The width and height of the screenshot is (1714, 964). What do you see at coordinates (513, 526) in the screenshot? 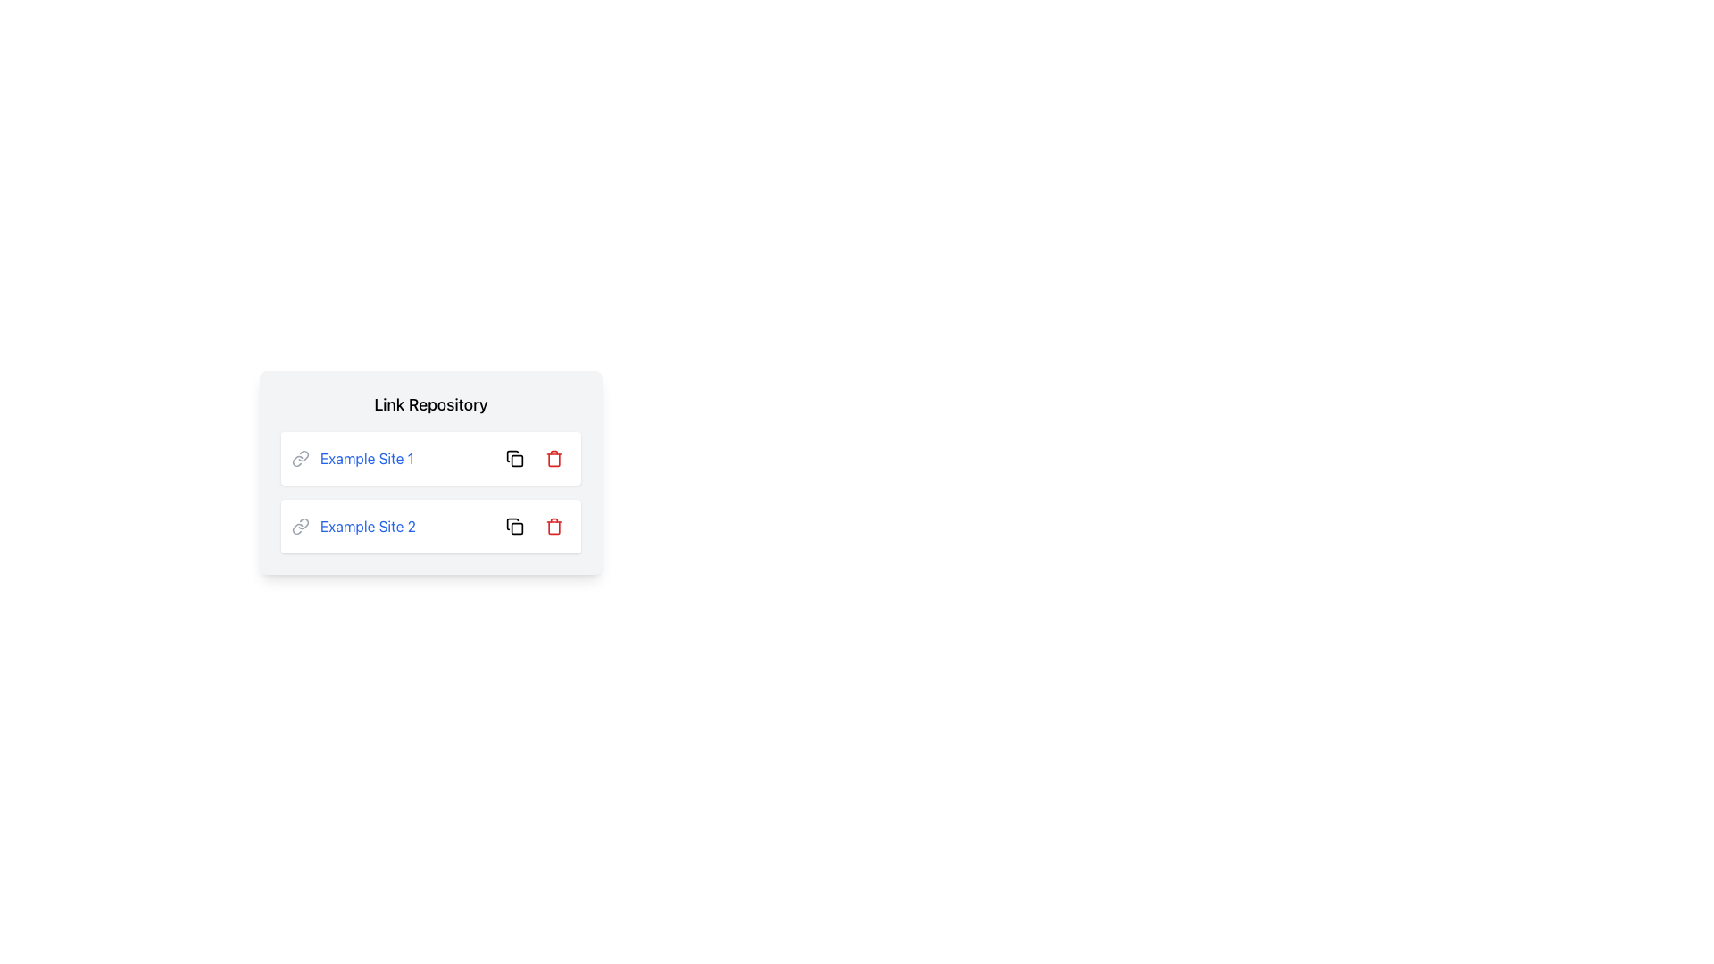
I see `the copy icon, which is the second icon in the list row for 'Example Site 2' under 'Link Repository'` at bounding box center [513, 526].